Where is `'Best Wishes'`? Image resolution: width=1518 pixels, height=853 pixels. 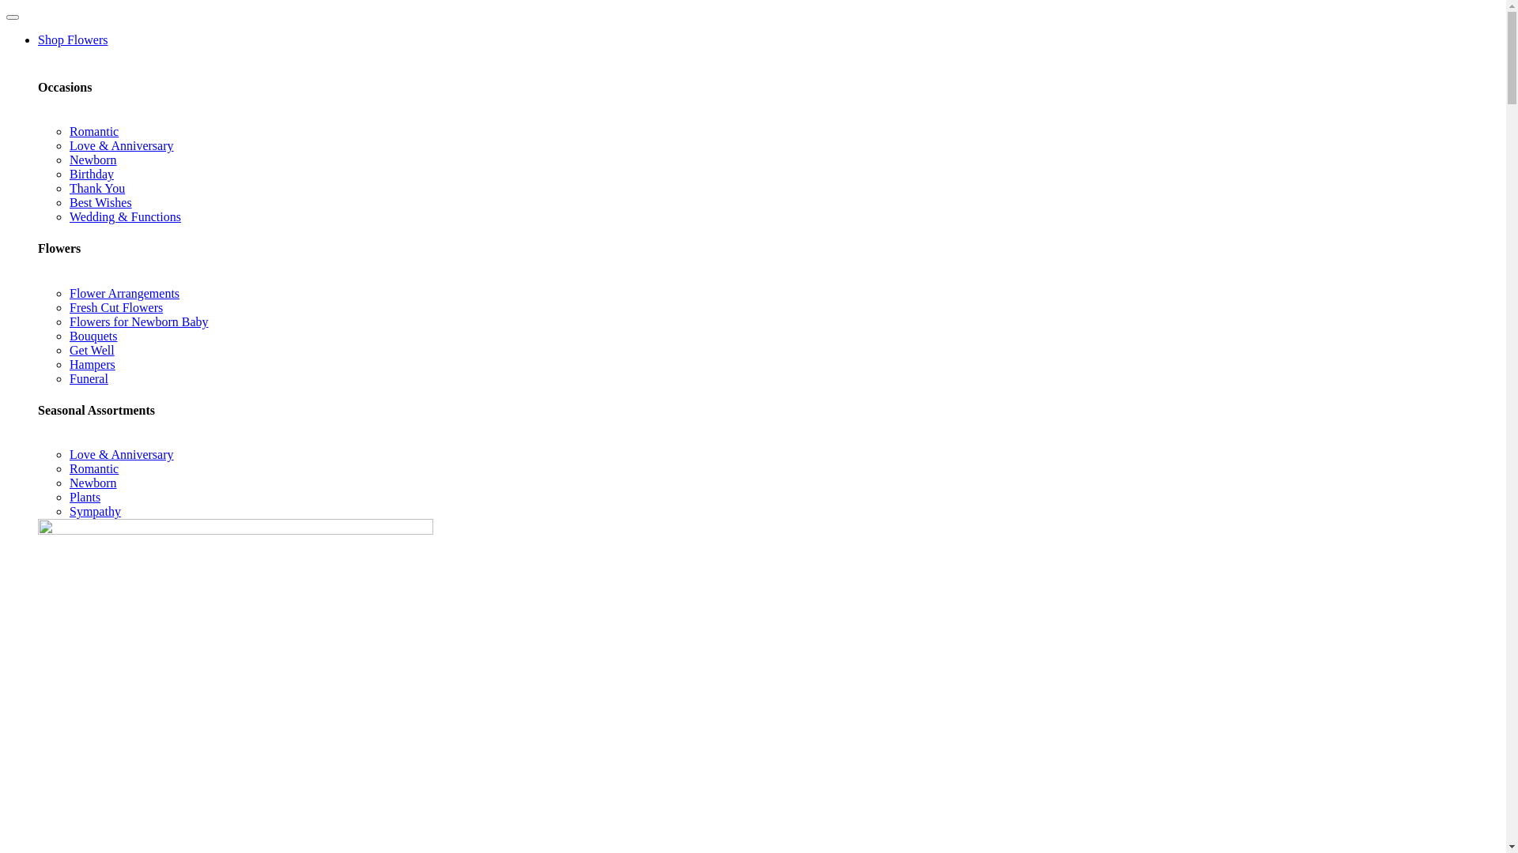
'Best Wishes' is located at coordinates (100, 201).